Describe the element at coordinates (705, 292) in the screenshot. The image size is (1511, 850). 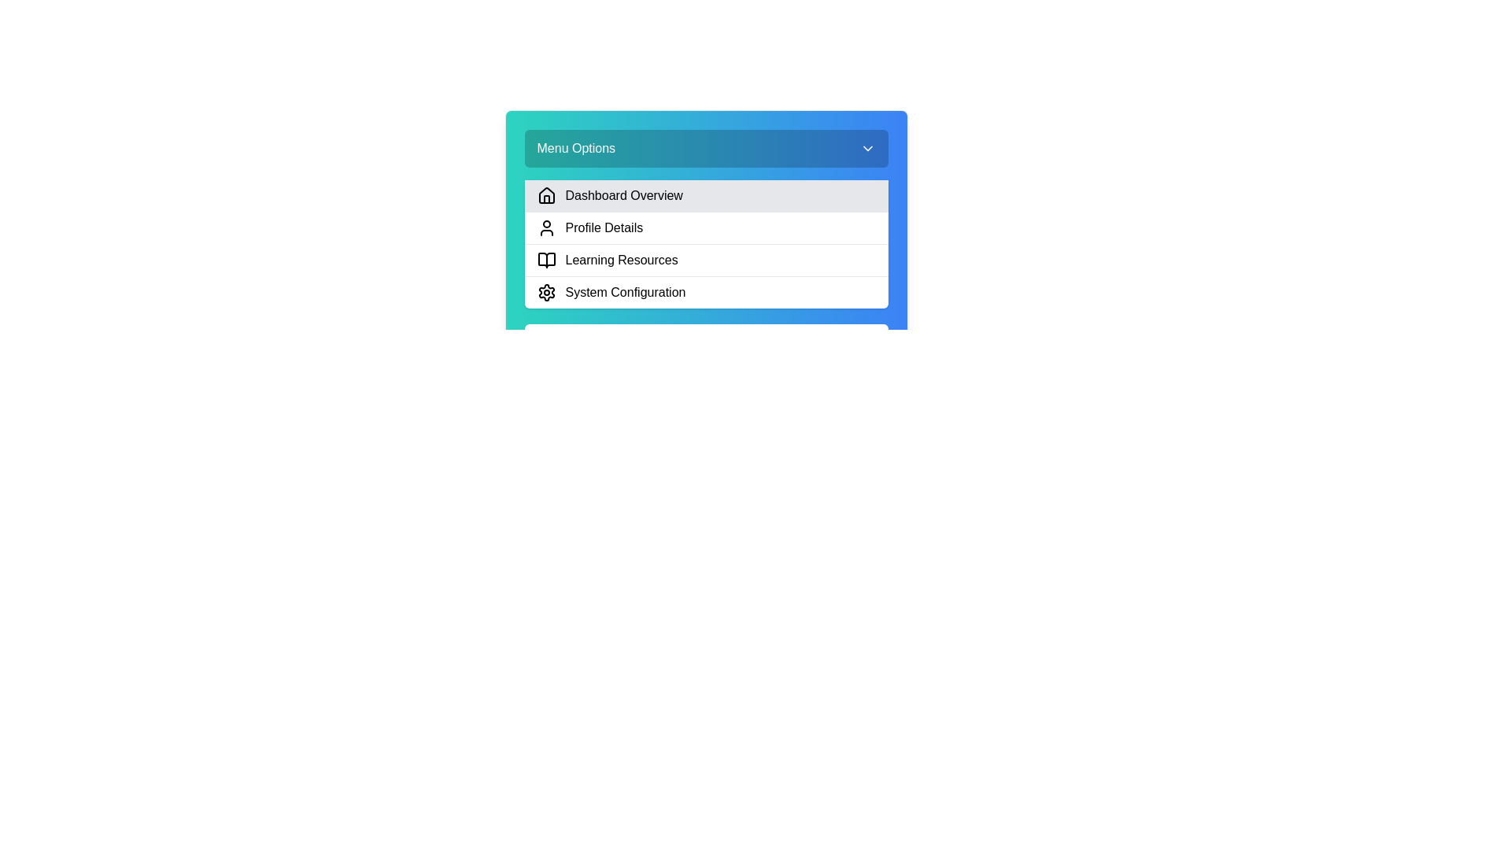
I see `the fourth menu item for 'System Configuration' located in the lower part of the menu panel` at that location.